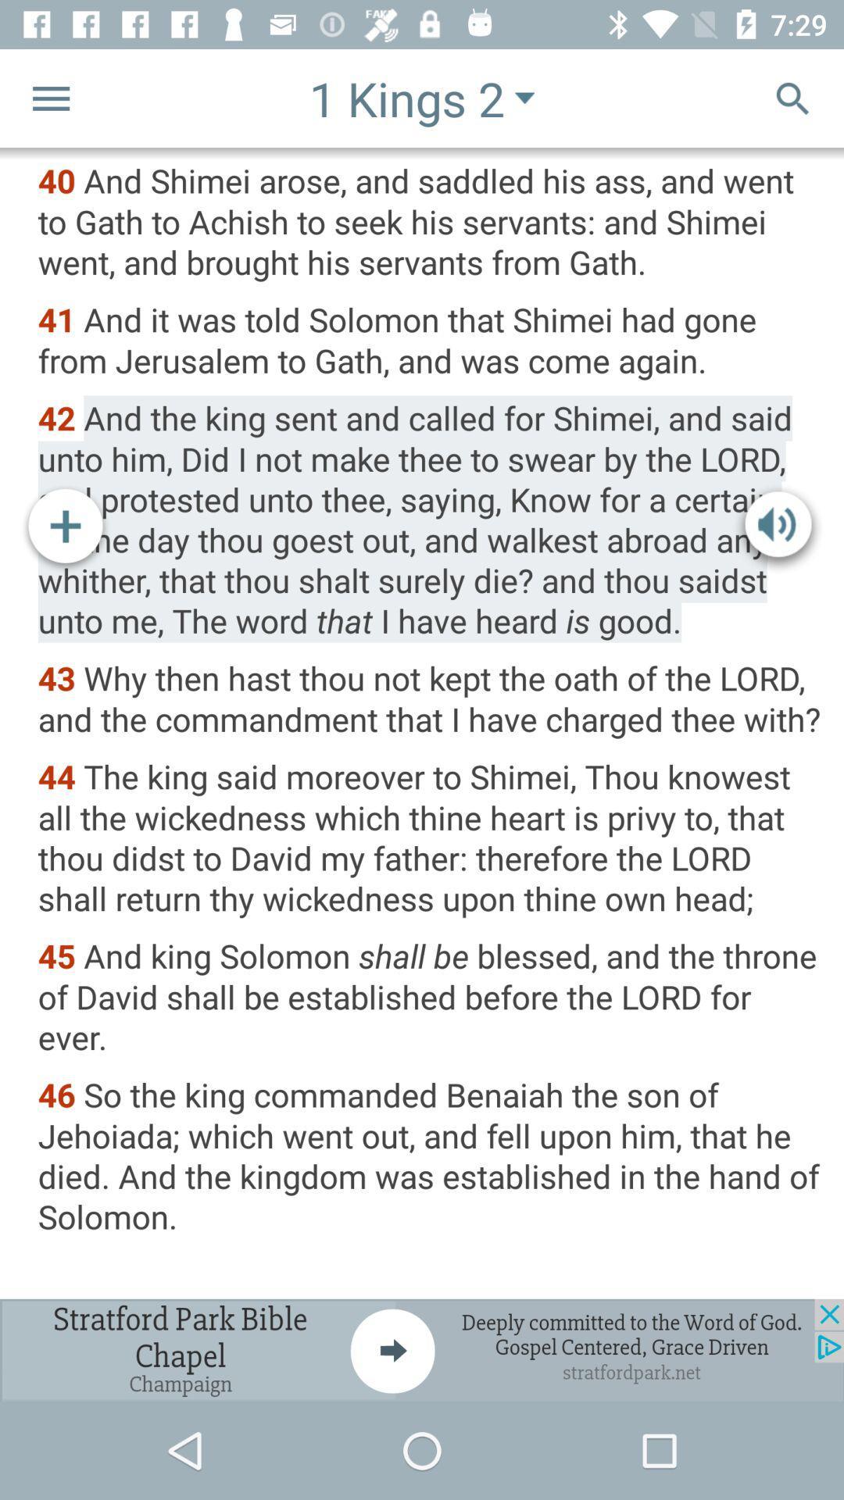  I want to click on next, so click(422, 1349).